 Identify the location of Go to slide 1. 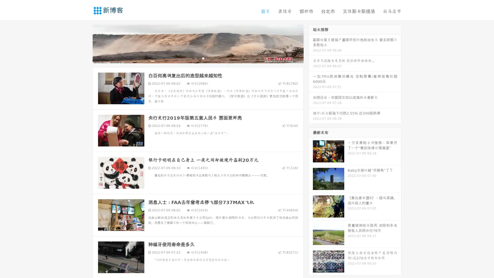
(192, 58).